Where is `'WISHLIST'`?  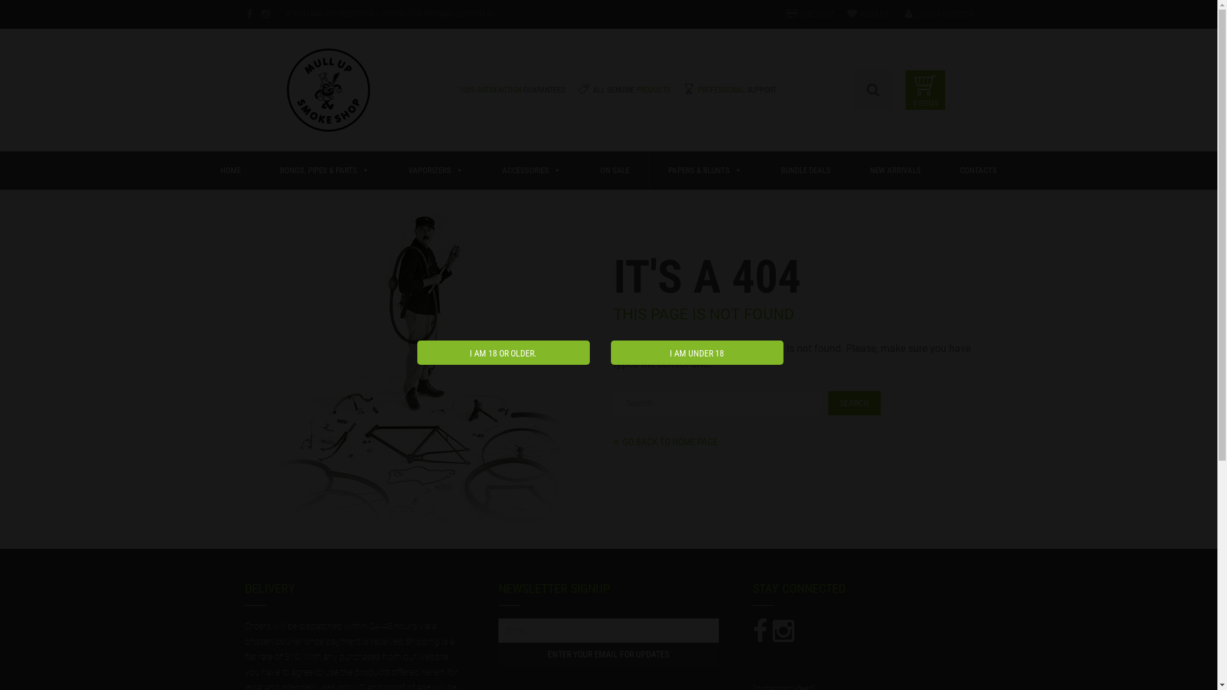
'WISHLIST' is located at coordinates (860, 15).